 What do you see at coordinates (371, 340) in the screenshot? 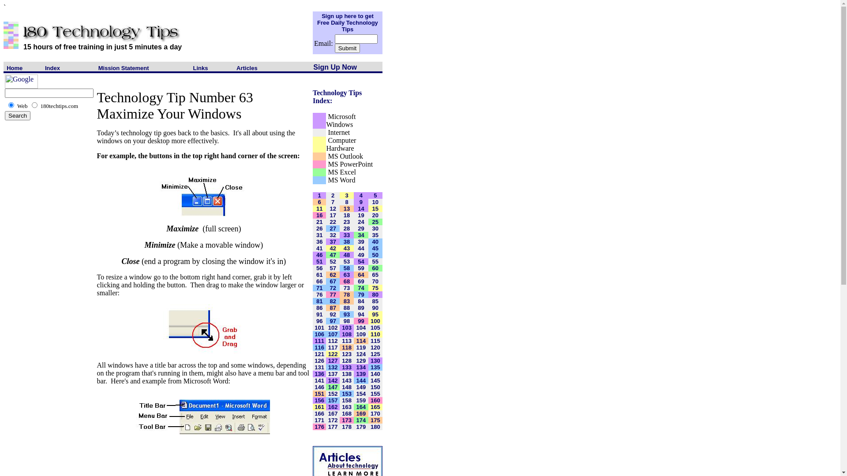
I see `'115'` at bounding box center [371, 340].